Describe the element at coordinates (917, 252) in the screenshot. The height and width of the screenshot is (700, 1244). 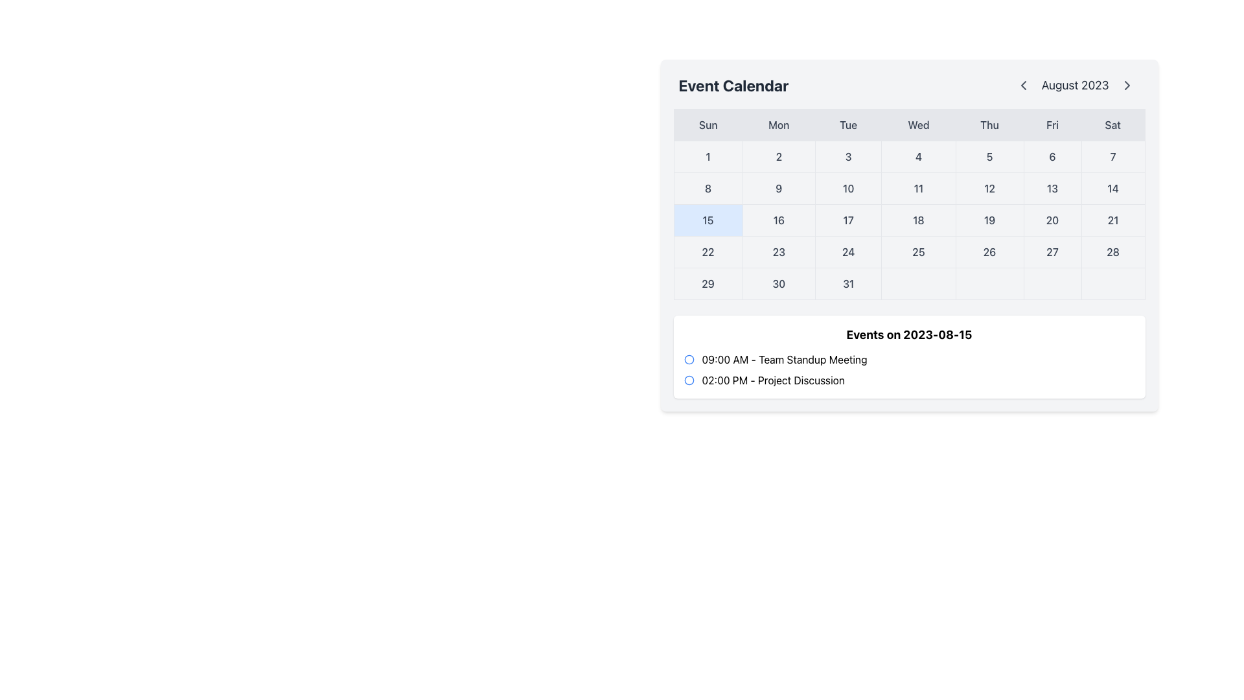
I see `the stylized calendar day cell displaying the number '25'` at that location.